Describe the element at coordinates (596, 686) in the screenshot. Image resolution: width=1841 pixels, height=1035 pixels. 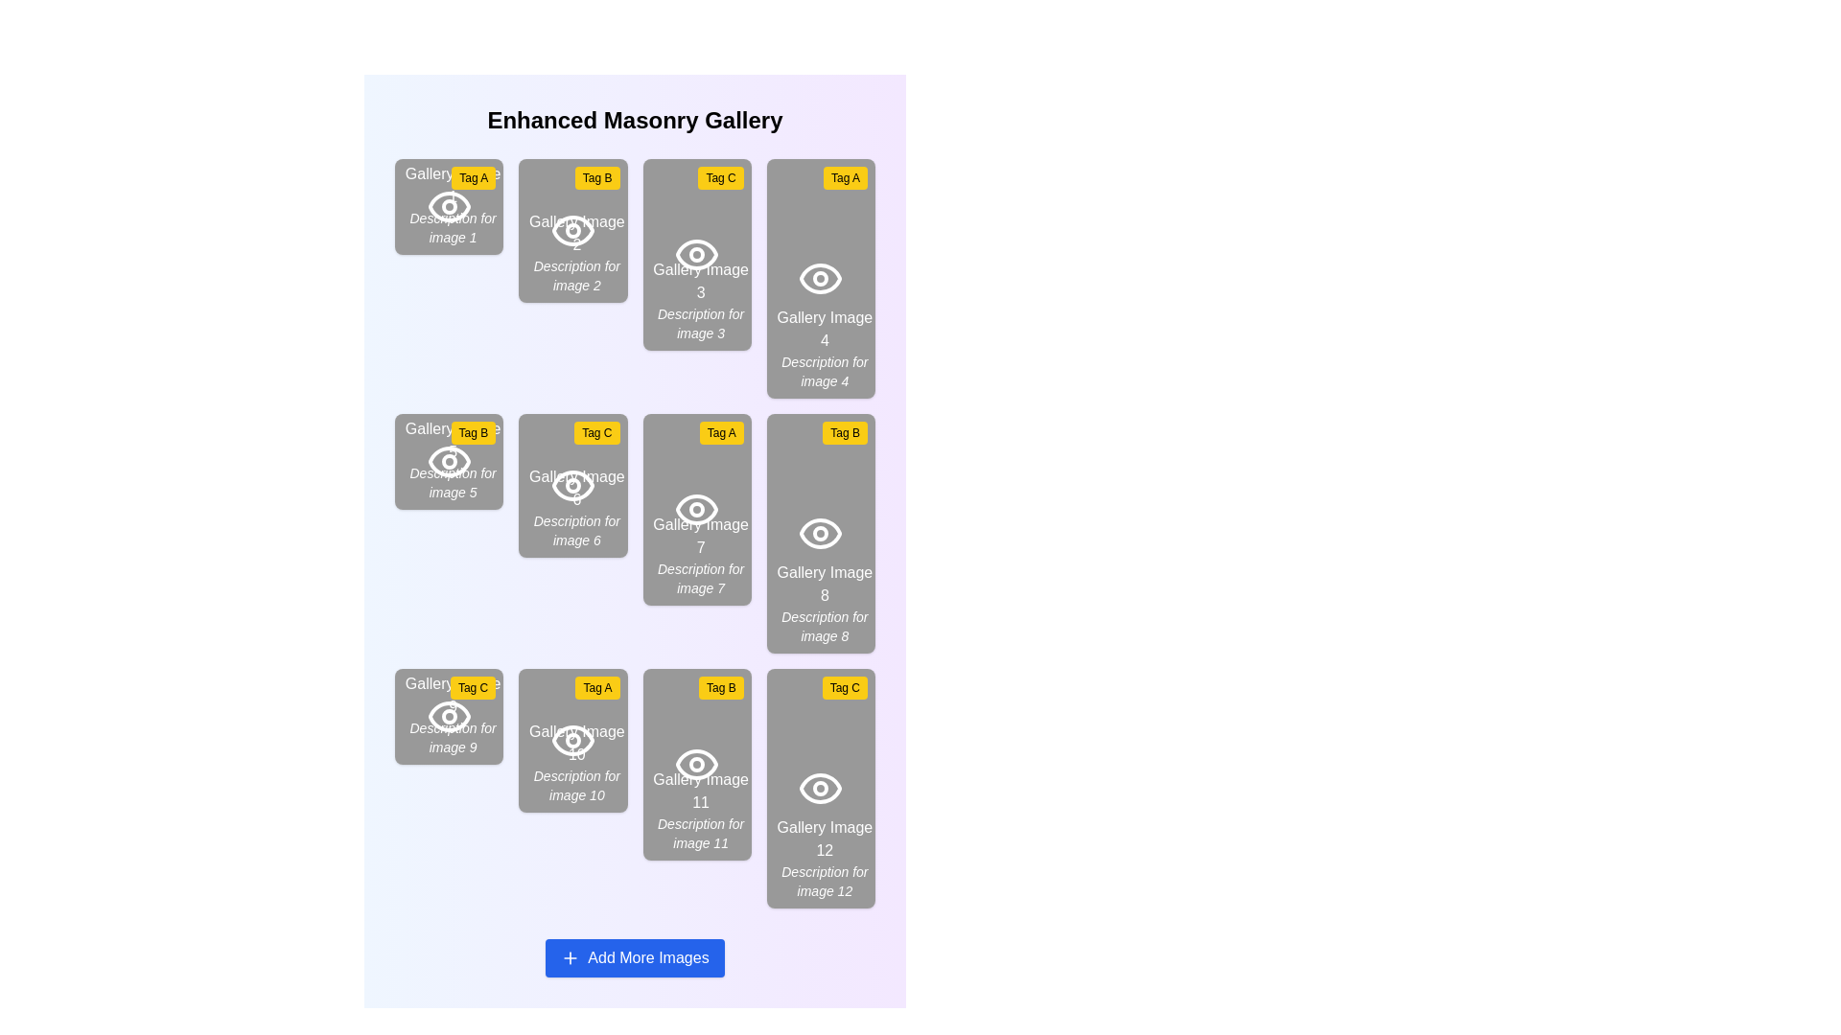
I see `the label that categorizes the content as 'Gallery Image 10', located in the top-right corner of the image tile` at that location.